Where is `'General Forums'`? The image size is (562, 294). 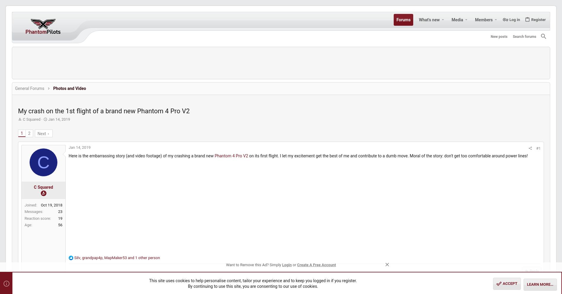
'General Forums' is located at coordinates (43, 88).